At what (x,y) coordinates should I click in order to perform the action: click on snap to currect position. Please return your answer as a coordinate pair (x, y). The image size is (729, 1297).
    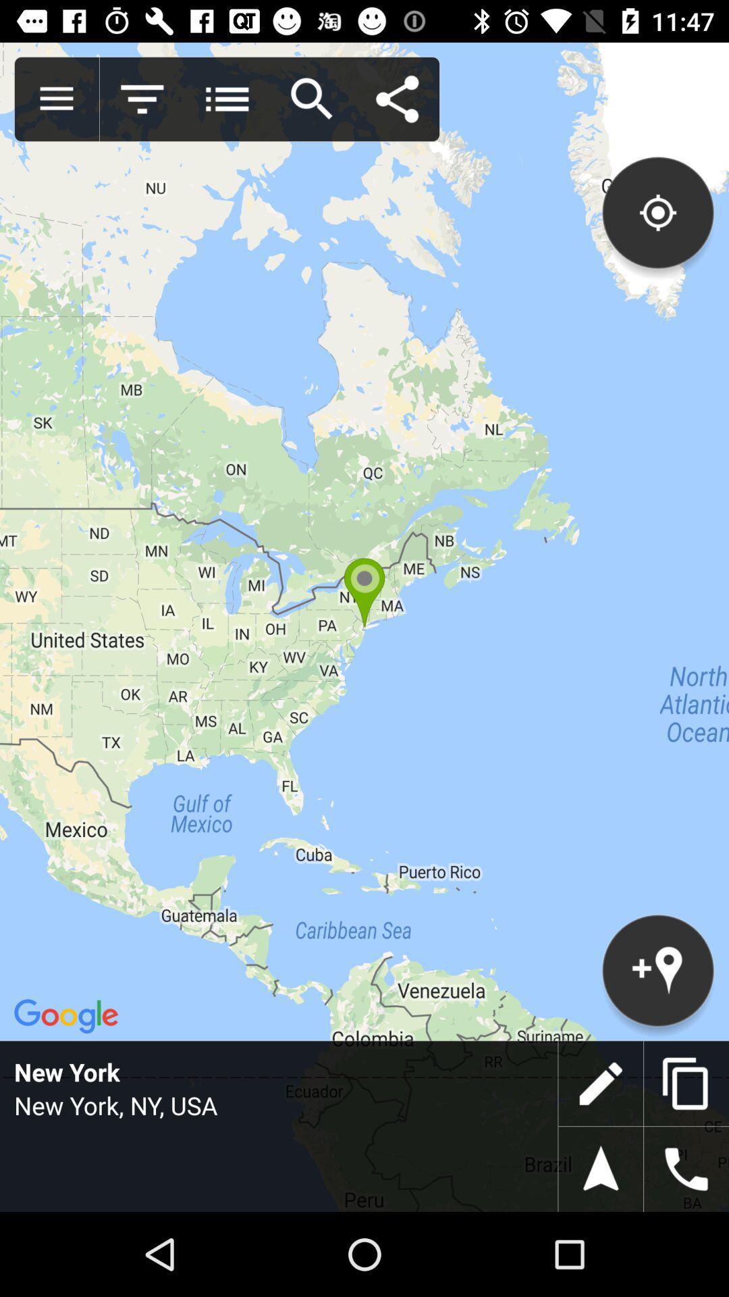
    Looking at the image, I should click on (600, 1169).